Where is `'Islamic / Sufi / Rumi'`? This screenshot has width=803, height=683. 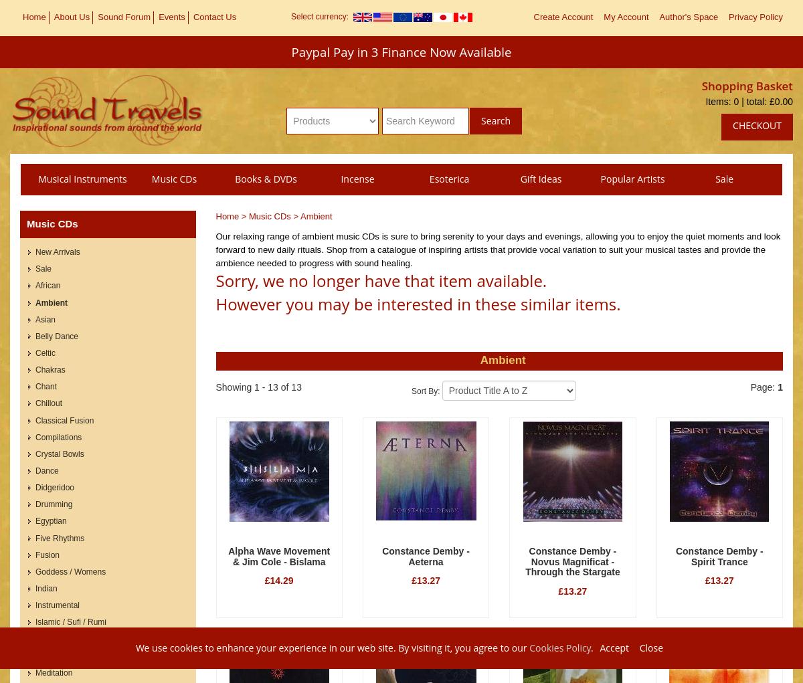
'Islamic / Sufi / Rumi' is located at coordinates (35, 622).